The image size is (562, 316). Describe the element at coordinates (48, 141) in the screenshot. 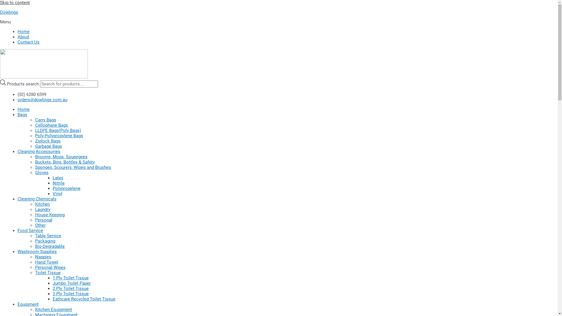

I see `'Ziplock Bags'` at that location.